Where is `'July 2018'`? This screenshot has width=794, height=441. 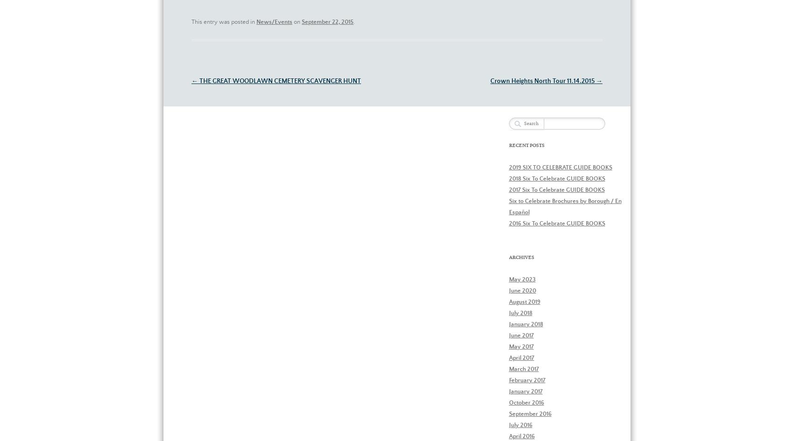 'July 2018' is located at coordinates (520, 312).